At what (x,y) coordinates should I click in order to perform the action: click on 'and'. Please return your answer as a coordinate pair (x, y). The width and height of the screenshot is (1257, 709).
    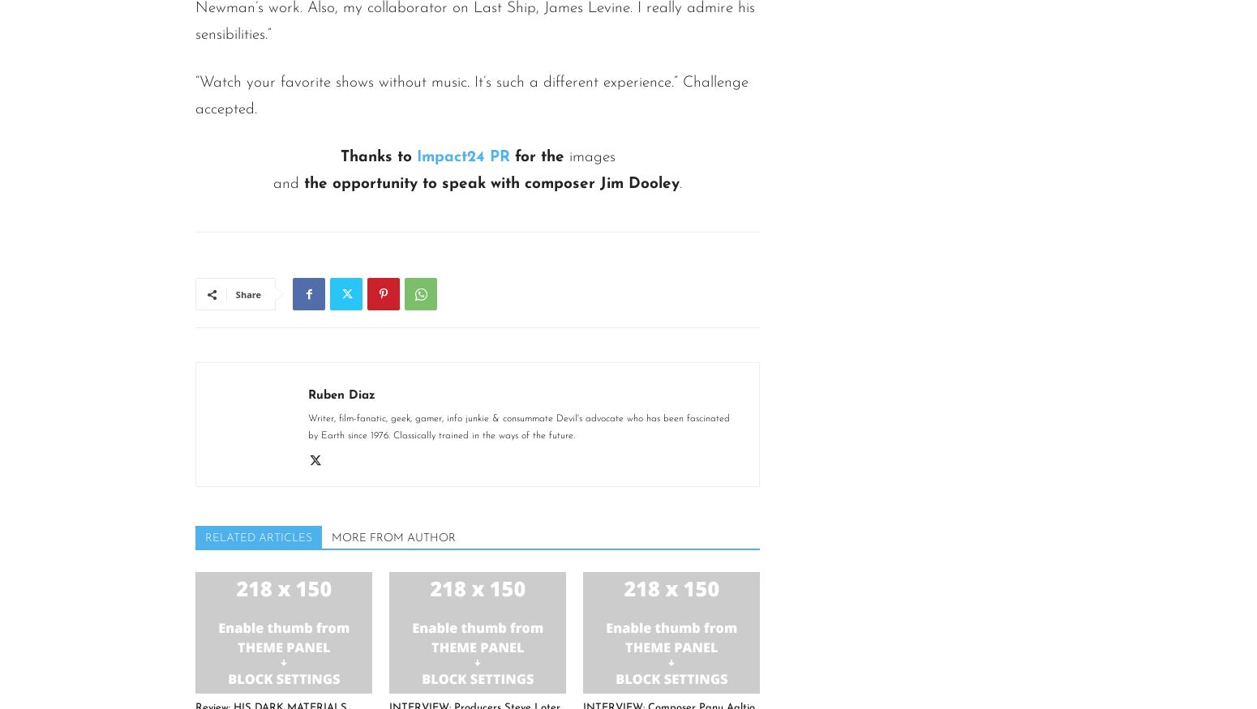
    Looking at the image, I should click on (285, 184).